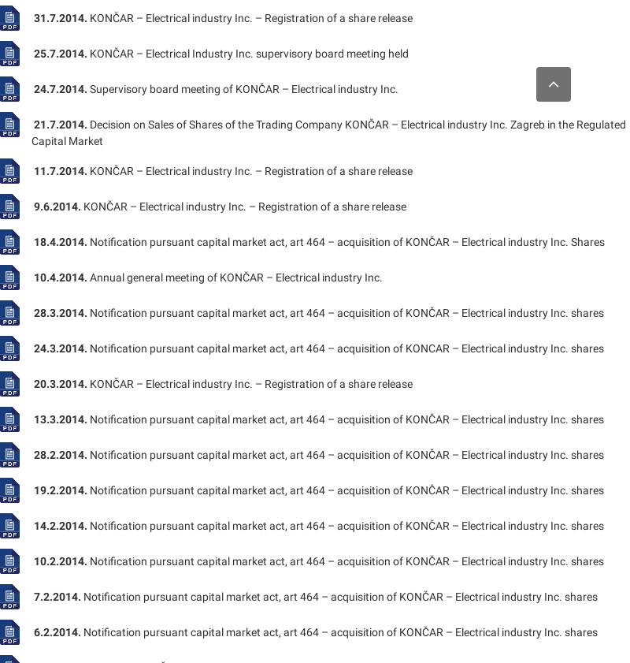 The image size is (630, 663). What do you see at coordinates (61, 276) in the screenshot?
I see `'10.4.2014.'` at bounding box center [61, 276].